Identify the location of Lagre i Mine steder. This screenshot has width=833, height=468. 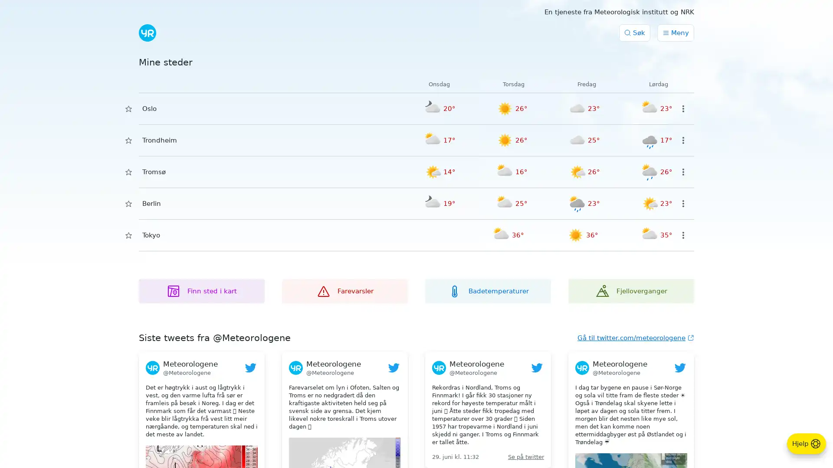
(128, 172).